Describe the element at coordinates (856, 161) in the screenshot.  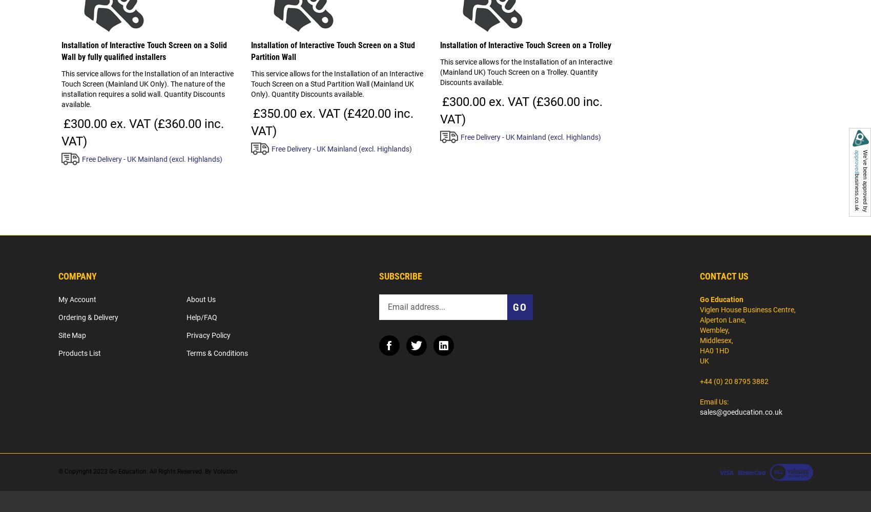
I see `'approved'` at that location.